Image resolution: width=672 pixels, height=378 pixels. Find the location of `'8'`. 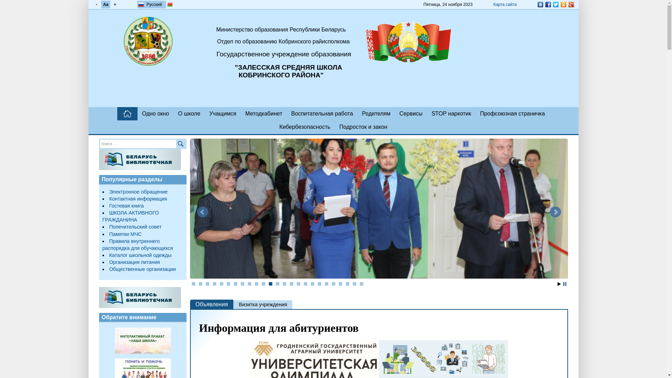

'8' is located at coordinates (242, 283).